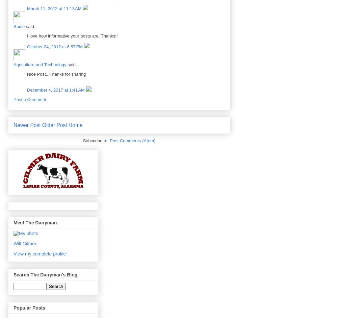 The height and width of the screenshot is (318, 337). What do you see at coordinates (14, 26) in the screenshot?
I see `'Sadie'` at bounding box center [14, 26].